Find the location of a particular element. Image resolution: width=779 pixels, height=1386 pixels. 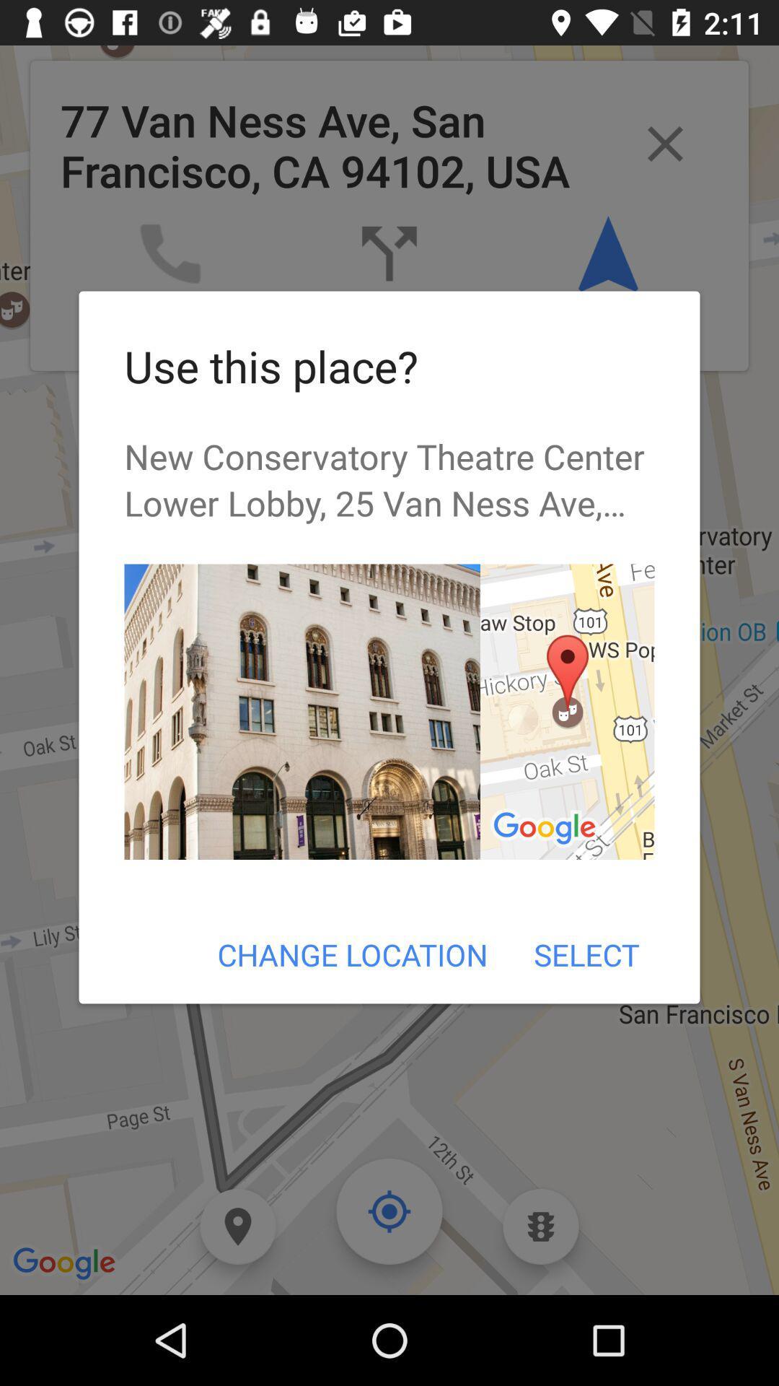

the icon above the change location icon is located at coordinates (566, 712).